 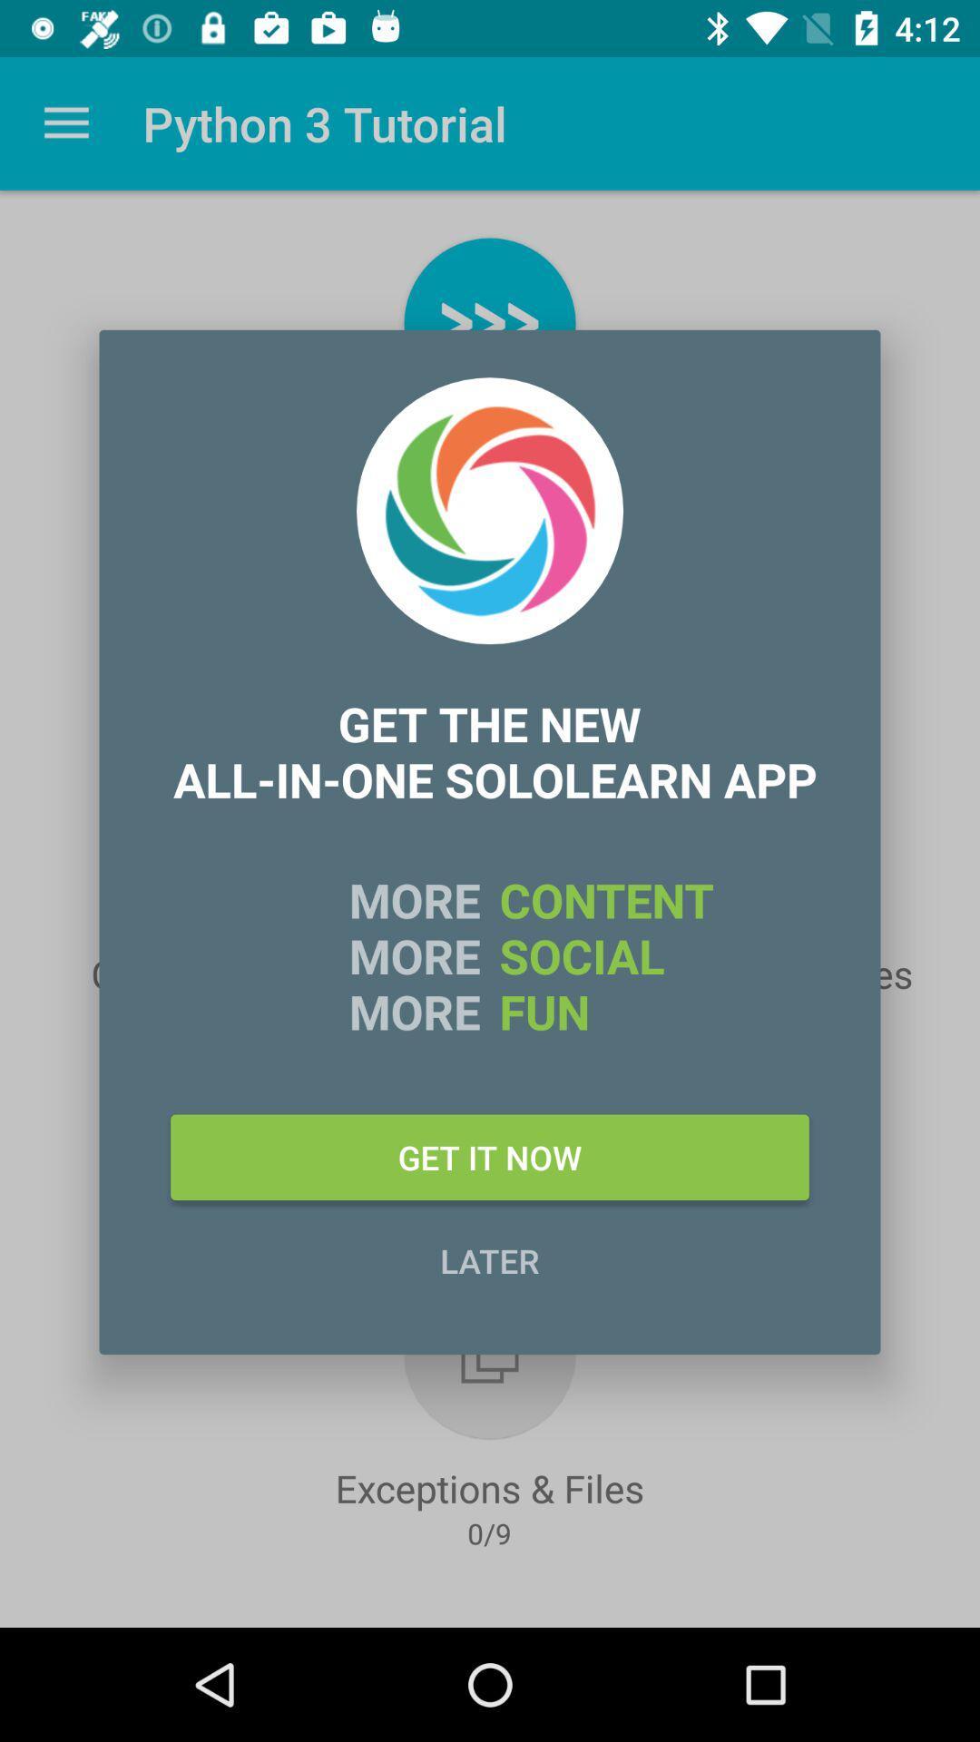 I want to click on later, so click(x=490, y=1259).